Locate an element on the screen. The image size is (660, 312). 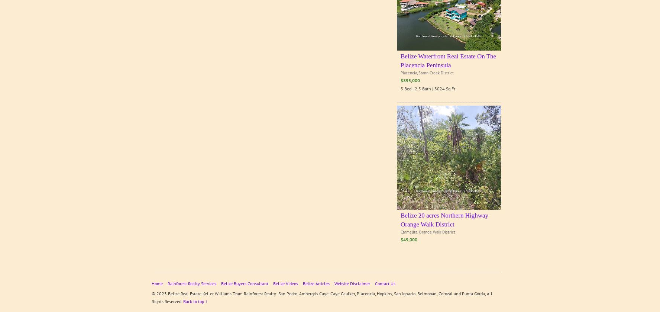
'$895,000' is located at coordinates (400, 80).